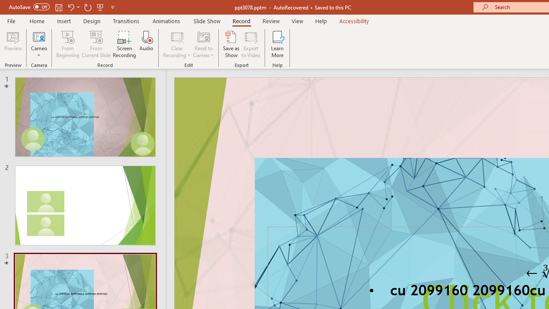 This screenshot has height=309, width=549. Describe the element at coordinates (126, 21) in the screenshot. I see `'Transitions'` at that location.